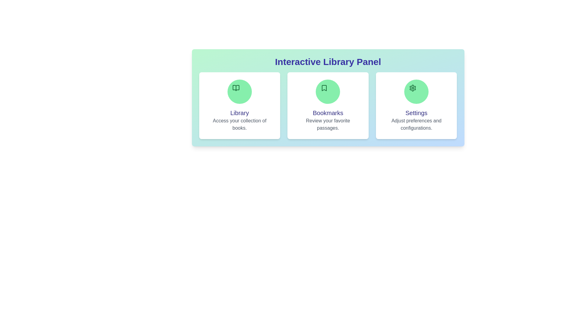 The width and height of the screenshot is (584, 328). I want to click on the card representing the Library section, so click(239, 105).